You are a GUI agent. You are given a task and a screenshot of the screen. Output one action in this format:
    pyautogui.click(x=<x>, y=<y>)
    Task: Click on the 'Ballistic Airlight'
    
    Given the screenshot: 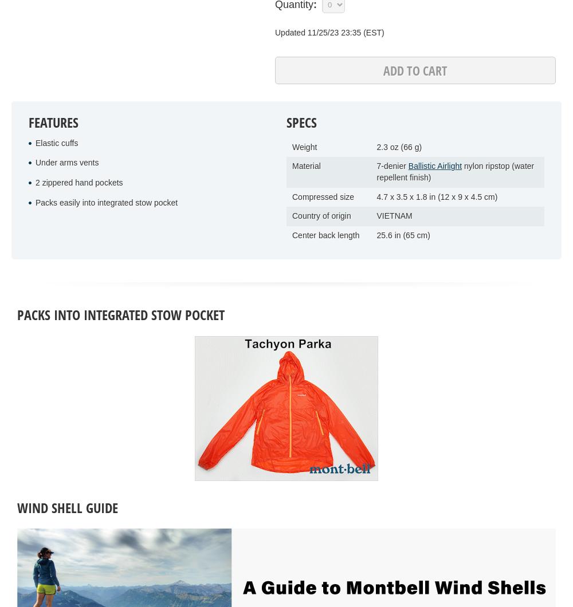 What is the action you would take?
    pyautogui.click(x=435, y=166)
    